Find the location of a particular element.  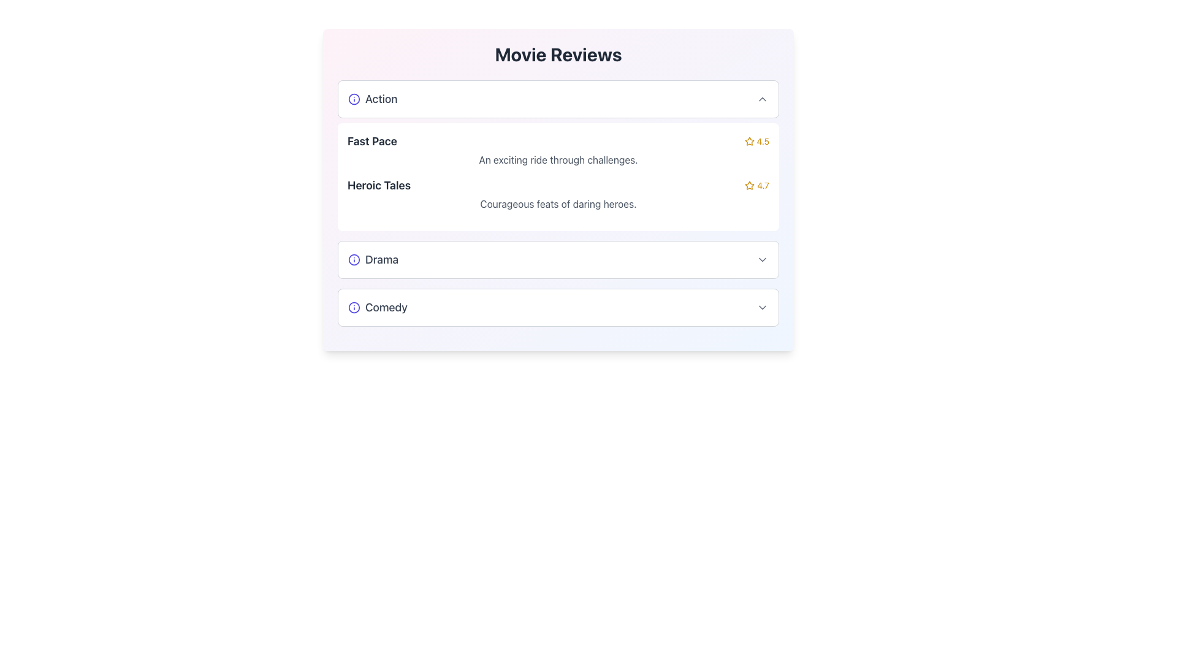

the gold star-shaped rating icon located adjacent to the text '4.5' in the second expandable card titled 'Action' is located at coordinates (748, 141).